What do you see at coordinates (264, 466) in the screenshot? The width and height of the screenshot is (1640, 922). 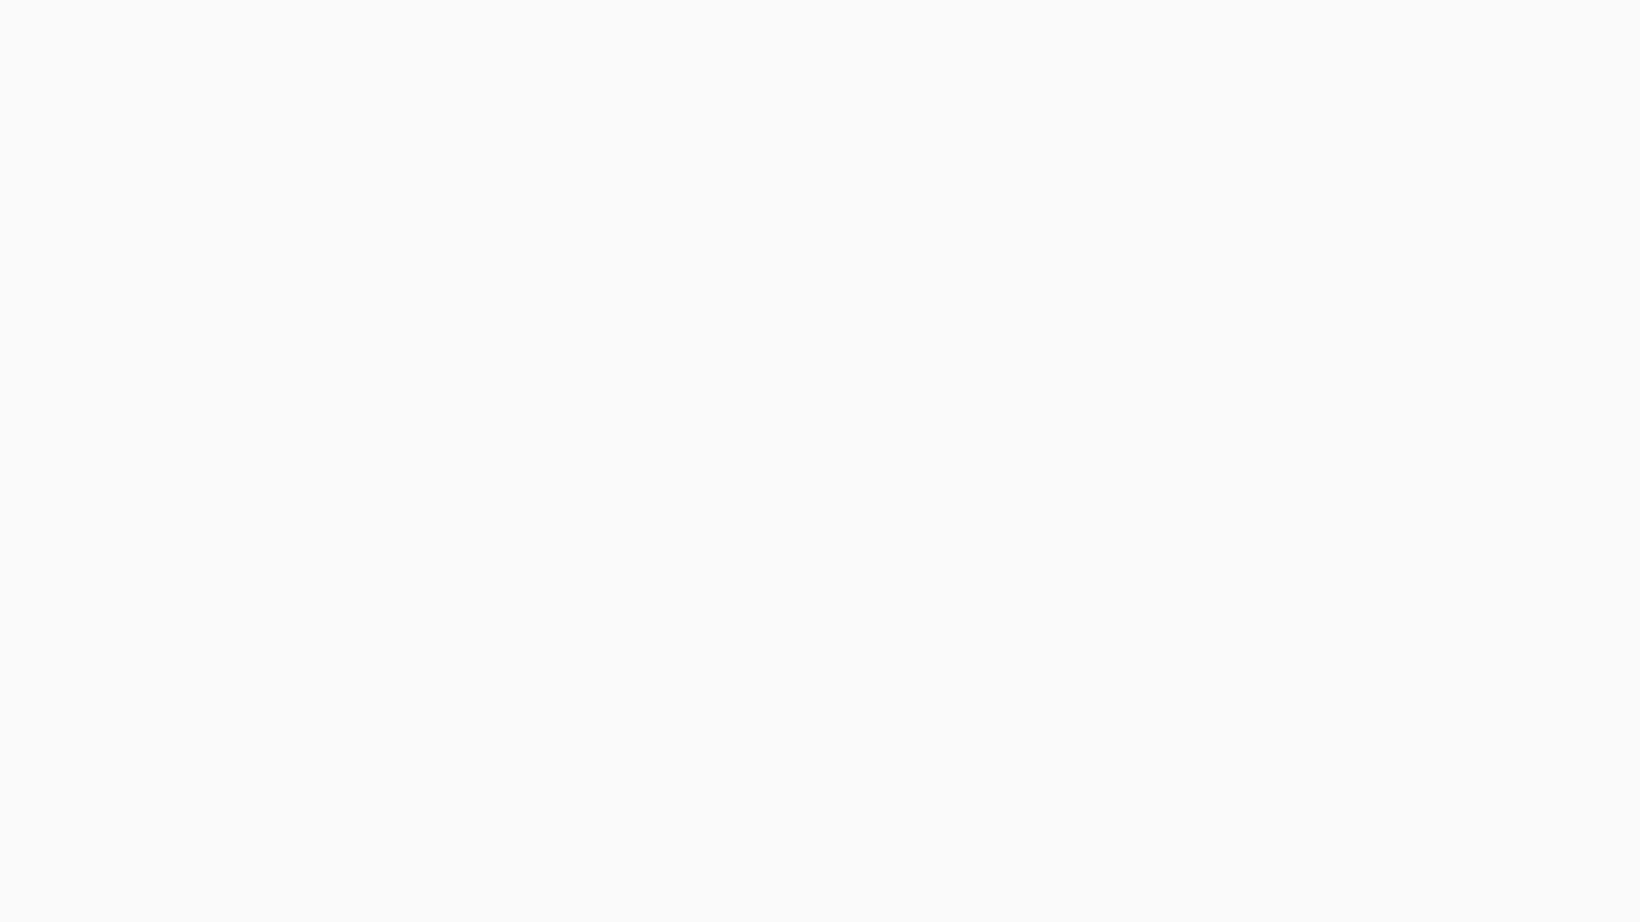 I see `Continue` at bounding box center [264, 466].